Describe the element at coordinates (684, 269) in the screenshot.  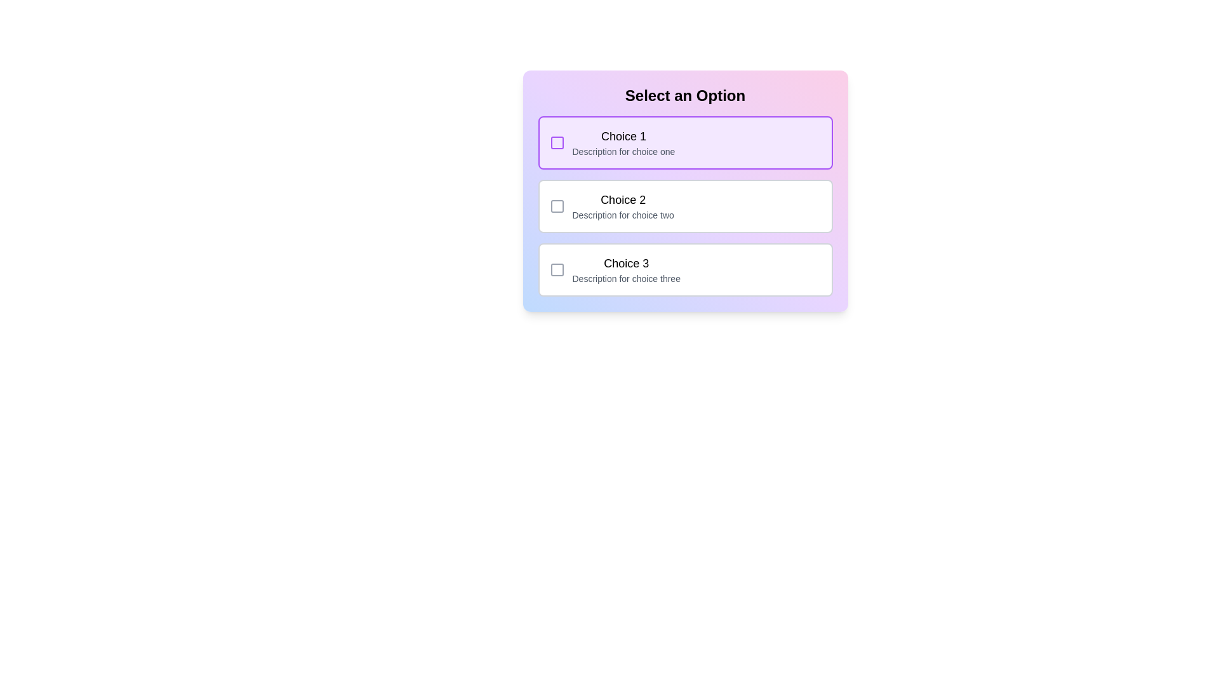
I see `the third selectable option row labeled 'Choice 3'` at that location.